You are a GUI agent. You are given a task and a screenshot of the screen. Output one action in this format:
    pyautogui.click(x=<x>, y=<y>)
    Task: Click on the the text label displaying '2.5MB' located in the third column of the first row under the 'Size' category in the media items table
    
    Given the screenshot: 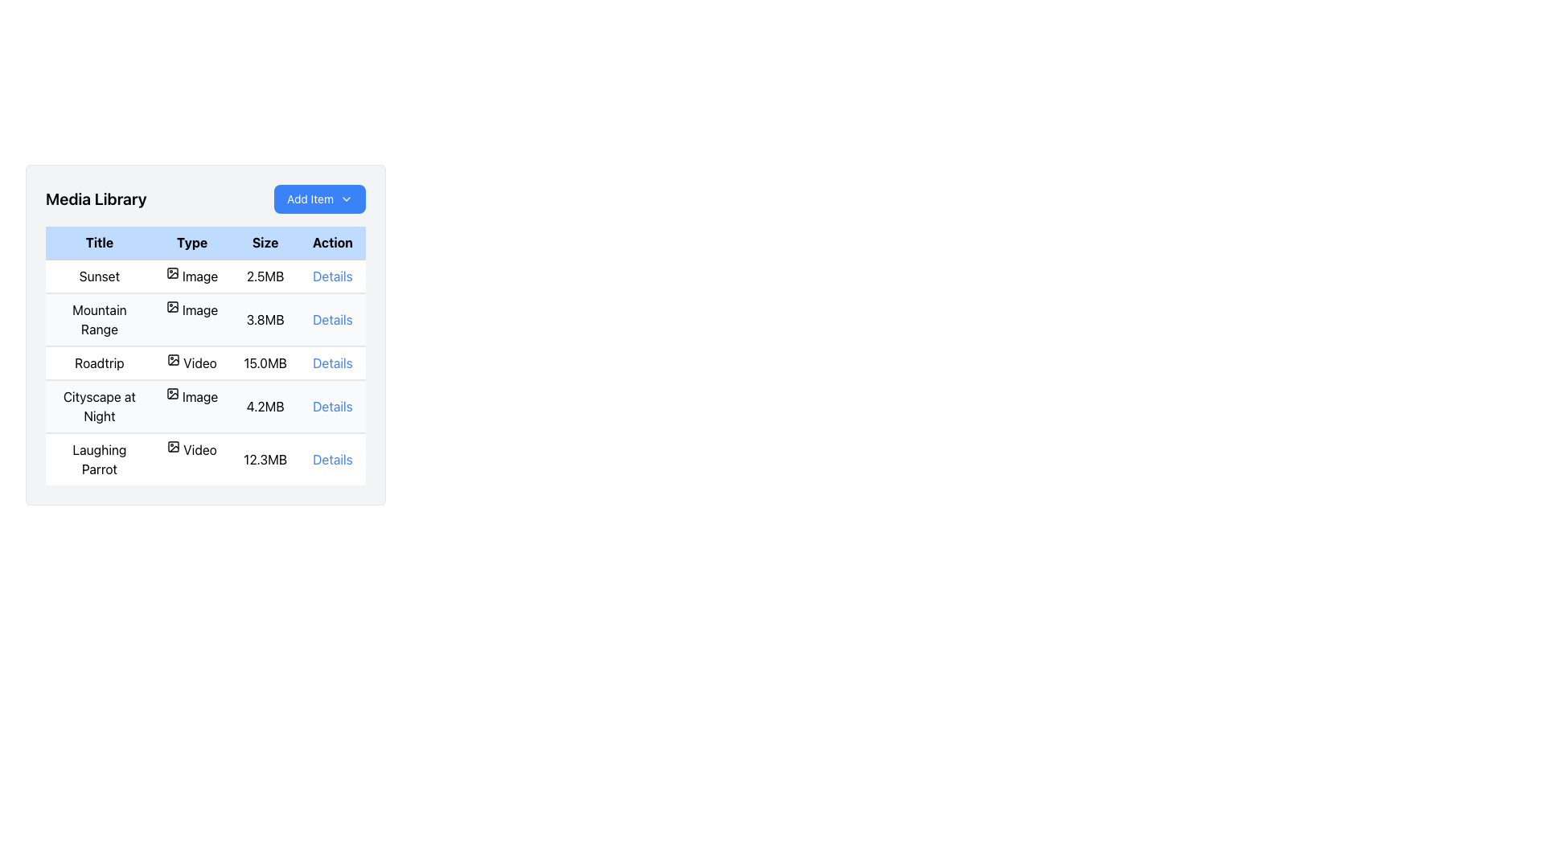 What is the action you would take?
    pyautogui.click(x=265, y=275)
    